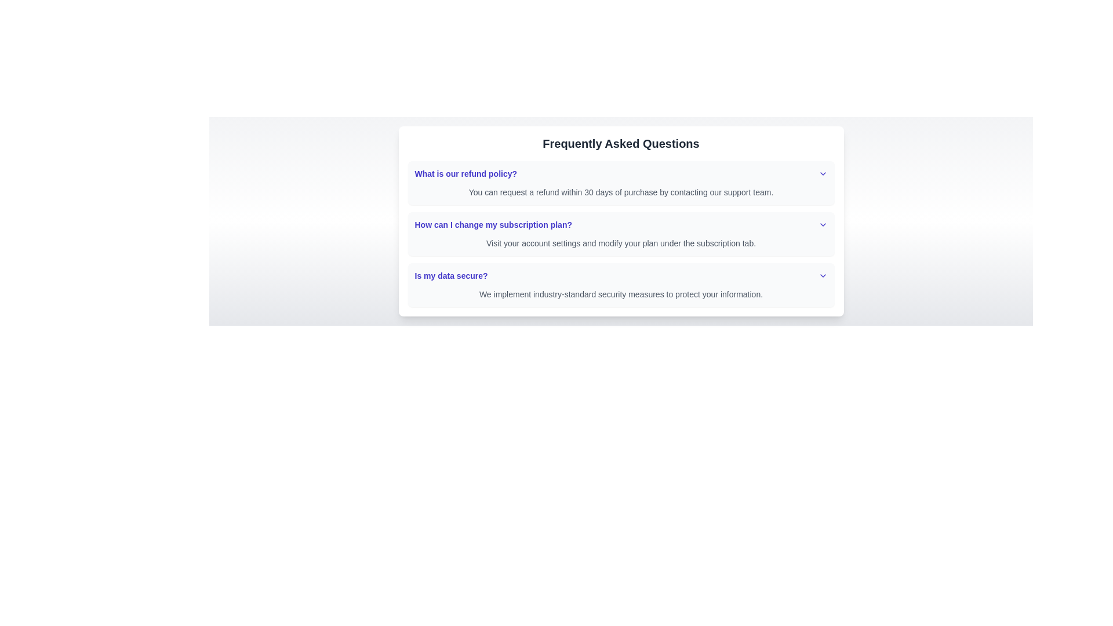  Describe the element at coordinates (620, 183) in the screenshot. I see `the collapsible FAQ item titled 'What is our refund policy?'` at that location.